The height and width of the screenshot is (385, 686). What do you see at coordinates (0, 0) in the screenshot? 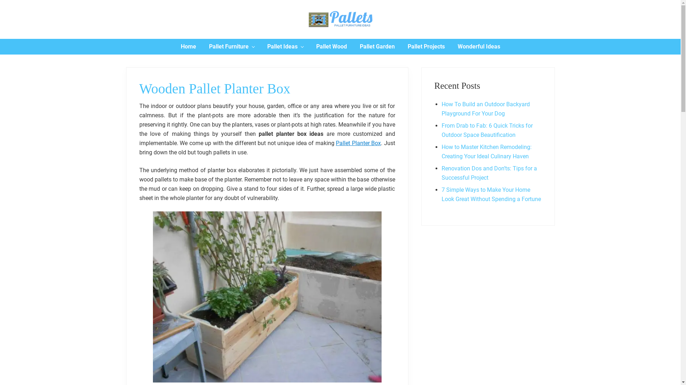
I see `'Skip to primary navigation'` at bounding box center [0, 0].